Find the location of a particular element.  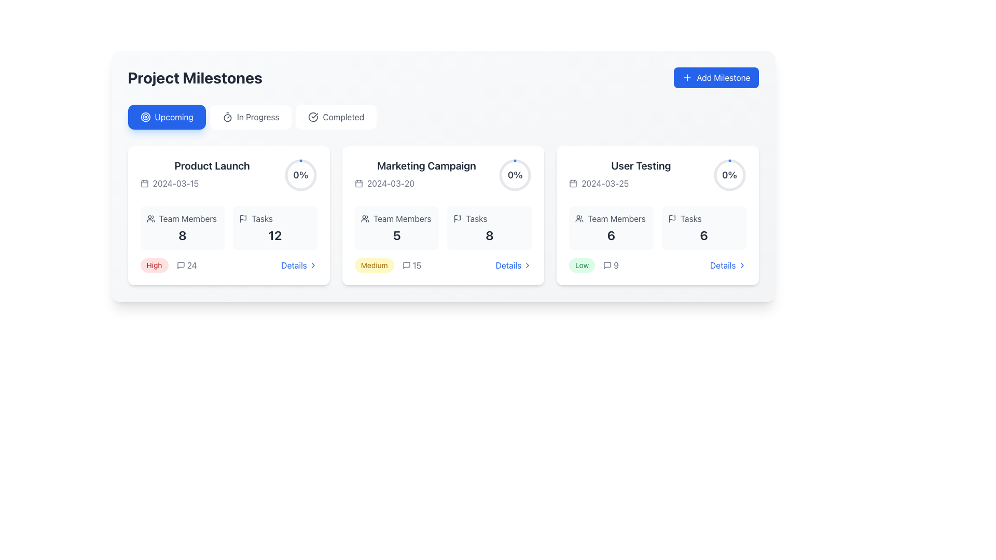

the comments icon located within the 'Marketing Campaign' milestone card, which is adjacent to the numerical indicator showing '15' to interact with it is located at coordinates (406, 265).